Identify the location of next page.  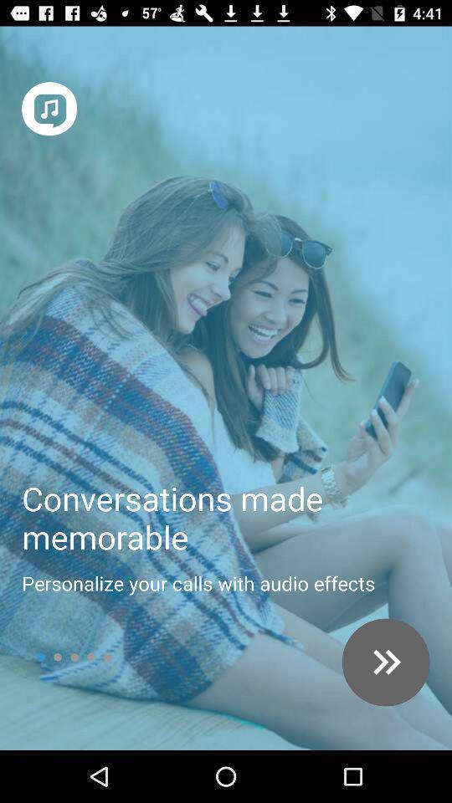
(386, 662).